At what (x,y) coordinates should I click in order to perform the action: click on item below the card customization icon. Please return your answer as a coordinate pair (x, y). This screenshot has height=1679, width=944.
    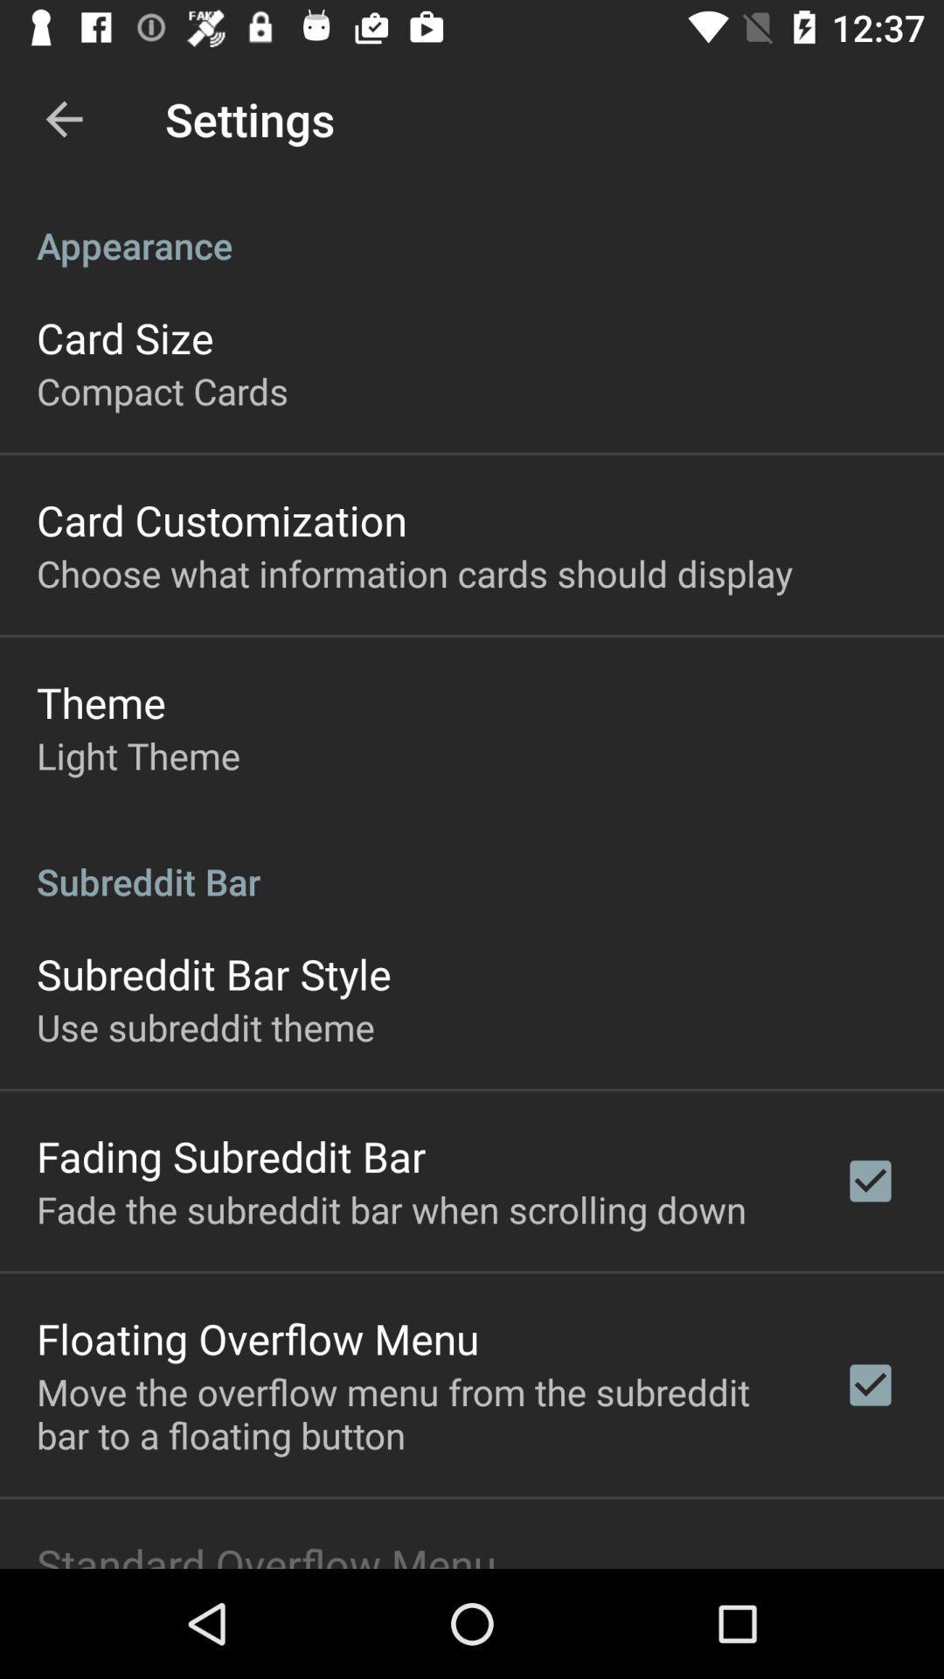
    Looking at the image, I should click on (414, 573).